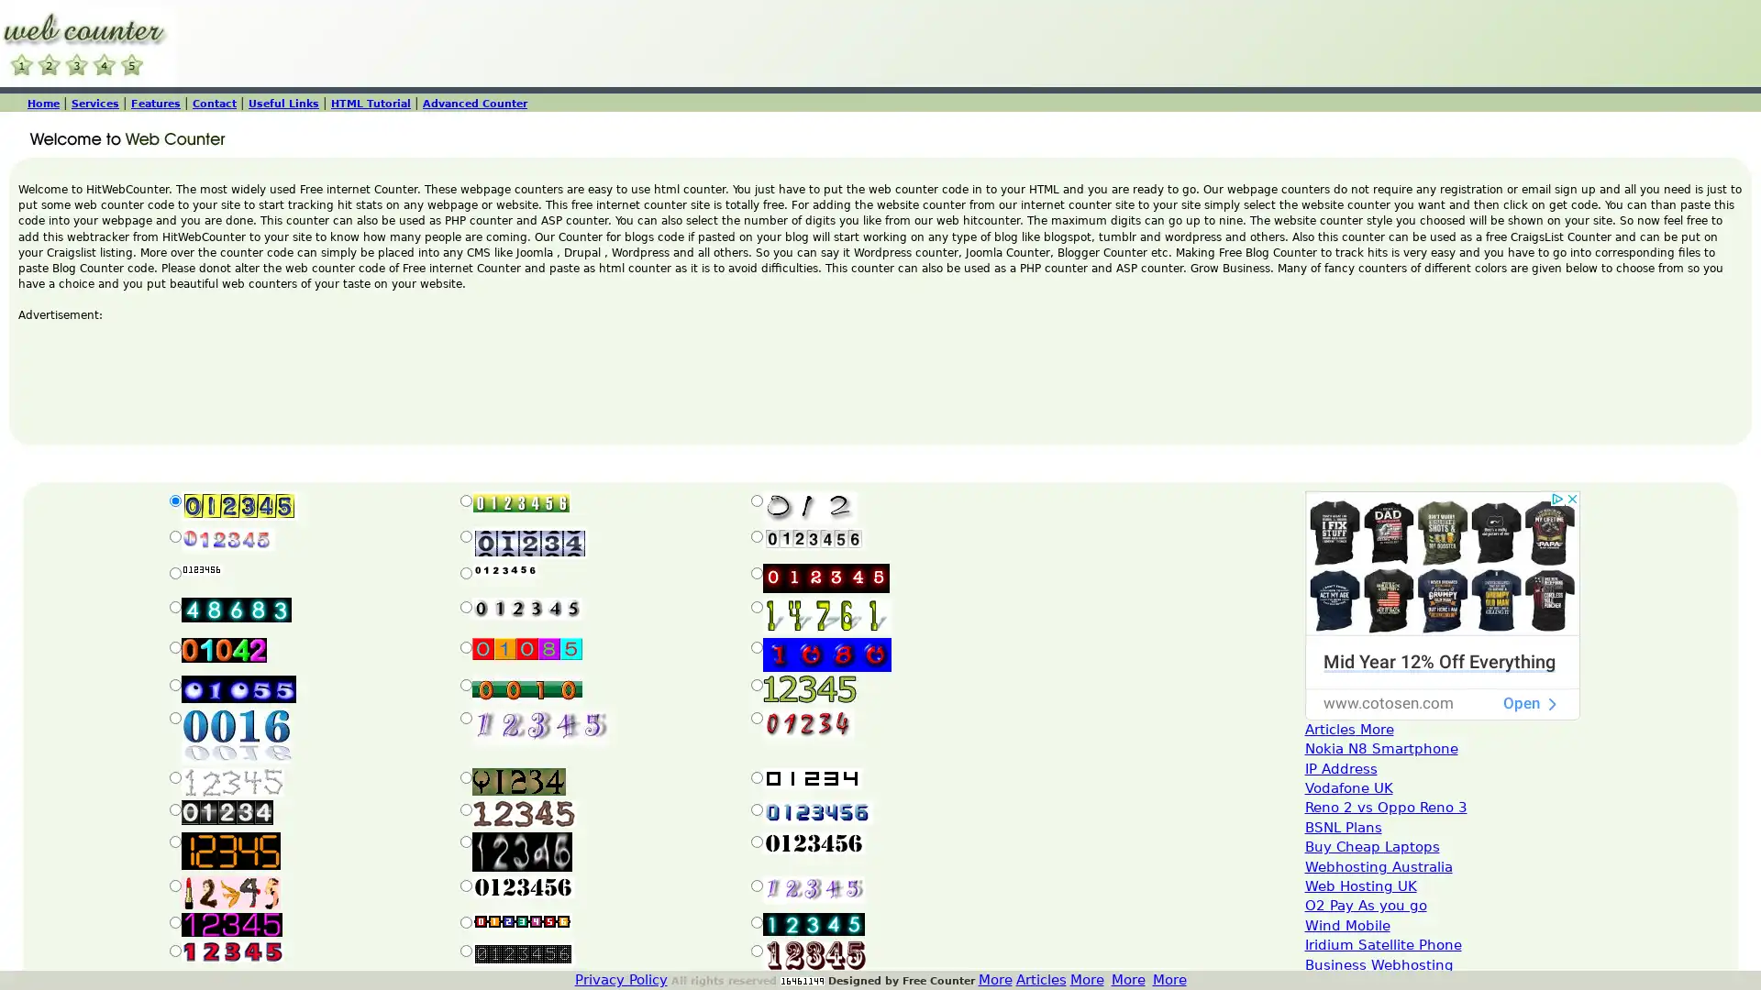 The height and width of the screenshot is (990, 1761). Describe the element at coordinates (808, 506) in the screenshot. I see `Submit` at that location.